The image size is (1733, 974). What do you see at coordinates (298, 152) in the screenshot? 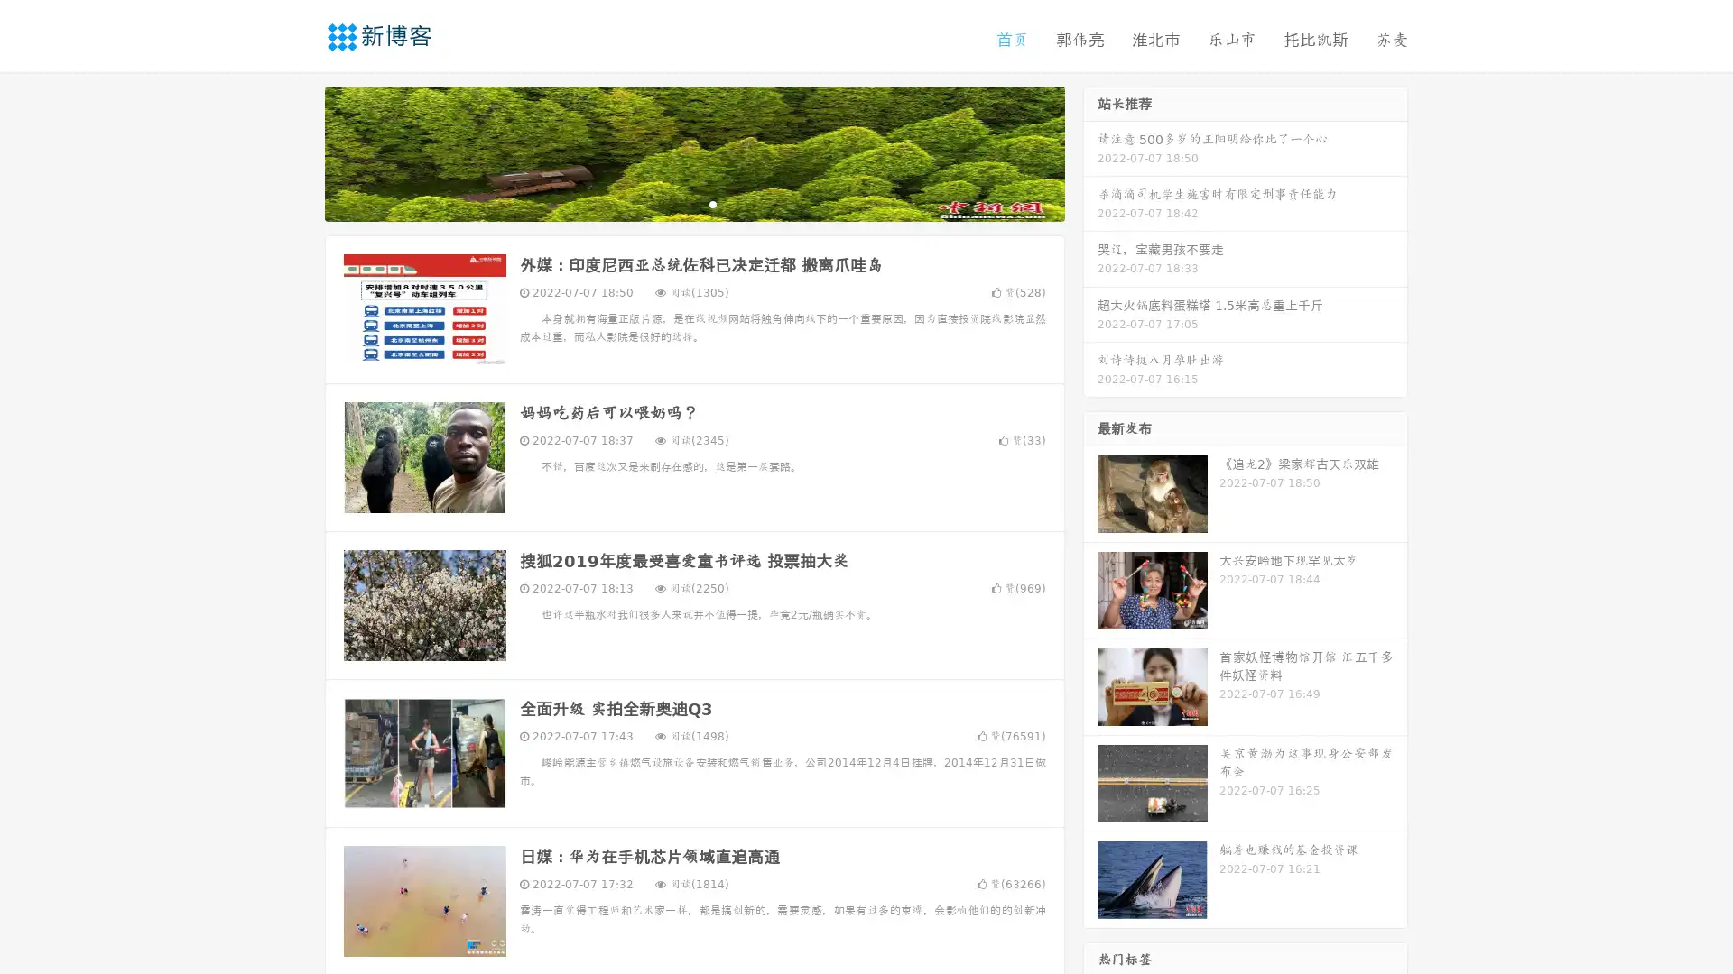
I see `Previous slide` at bounding box center [298, 152].